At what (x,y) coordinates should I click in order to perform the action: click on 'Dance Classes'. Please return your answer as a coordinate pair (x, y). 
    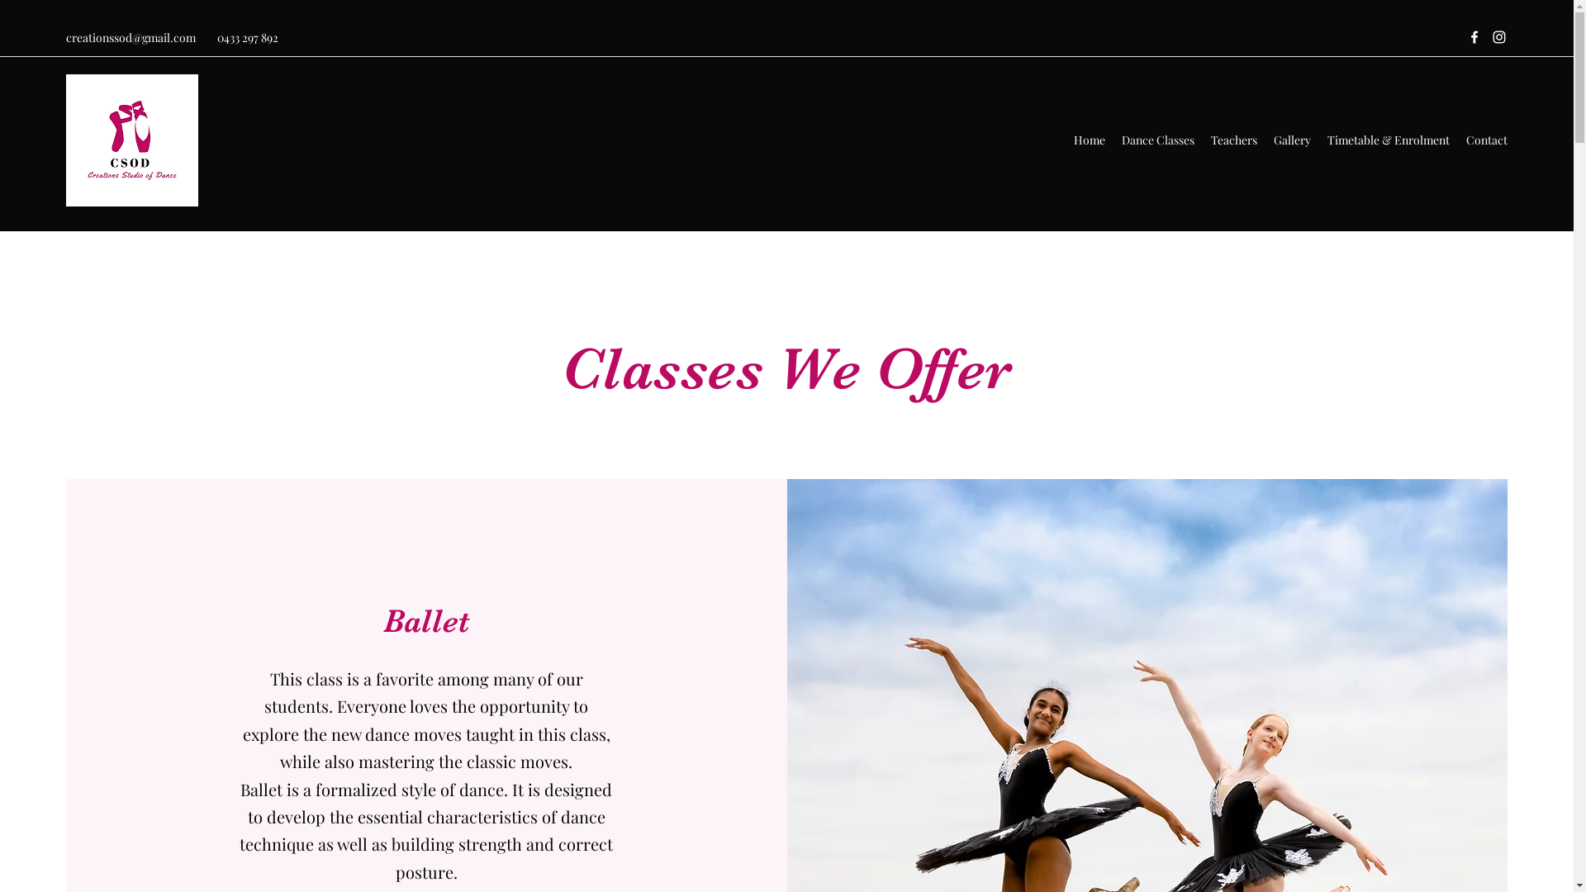
    Looking at the image, I should click on (1156, 139).